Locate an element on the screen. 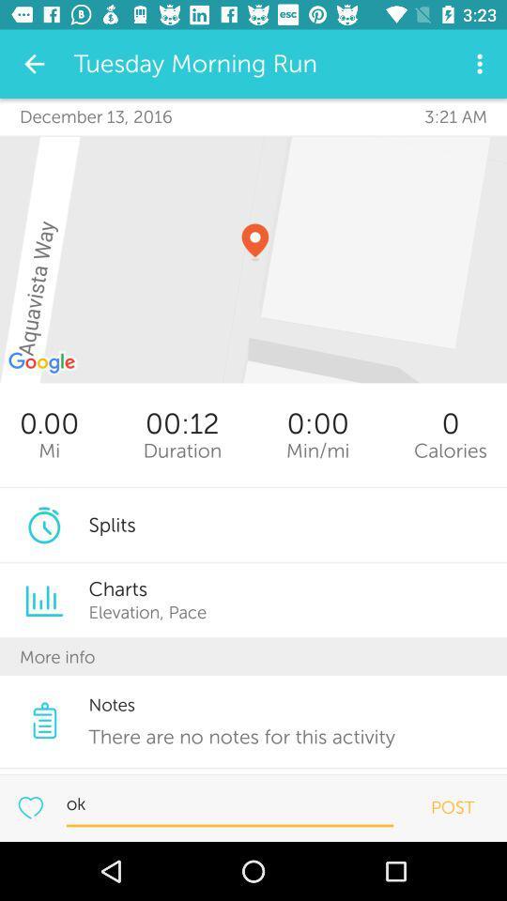  the image left to charts is located at coordinates (44, 600).